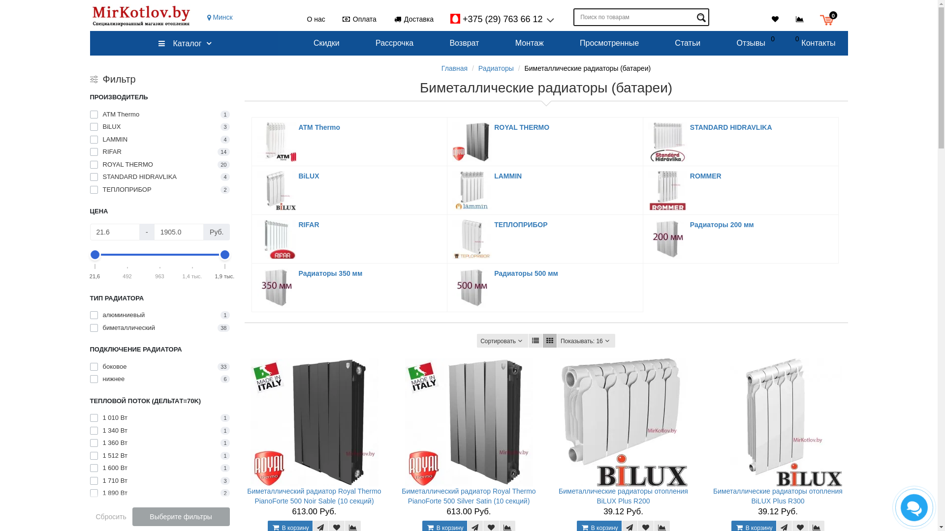 Image resolution: width=945 pixels, height=531 pixels. What do you see at coordinates (446, 19) in the screenshot?
I see `'+375 (29) 763 66 12'` at bounding box center [446, 19].